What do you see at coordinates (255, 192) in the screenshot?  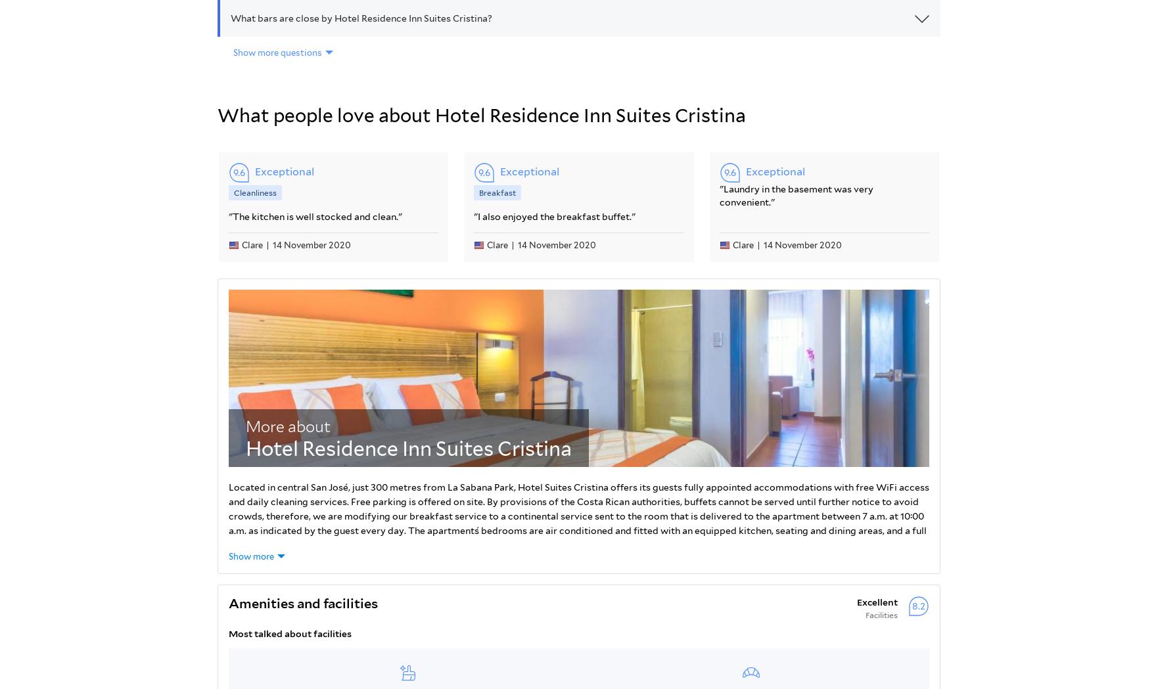 I see `'Cleanliness'` at bounding box center [255, 192].